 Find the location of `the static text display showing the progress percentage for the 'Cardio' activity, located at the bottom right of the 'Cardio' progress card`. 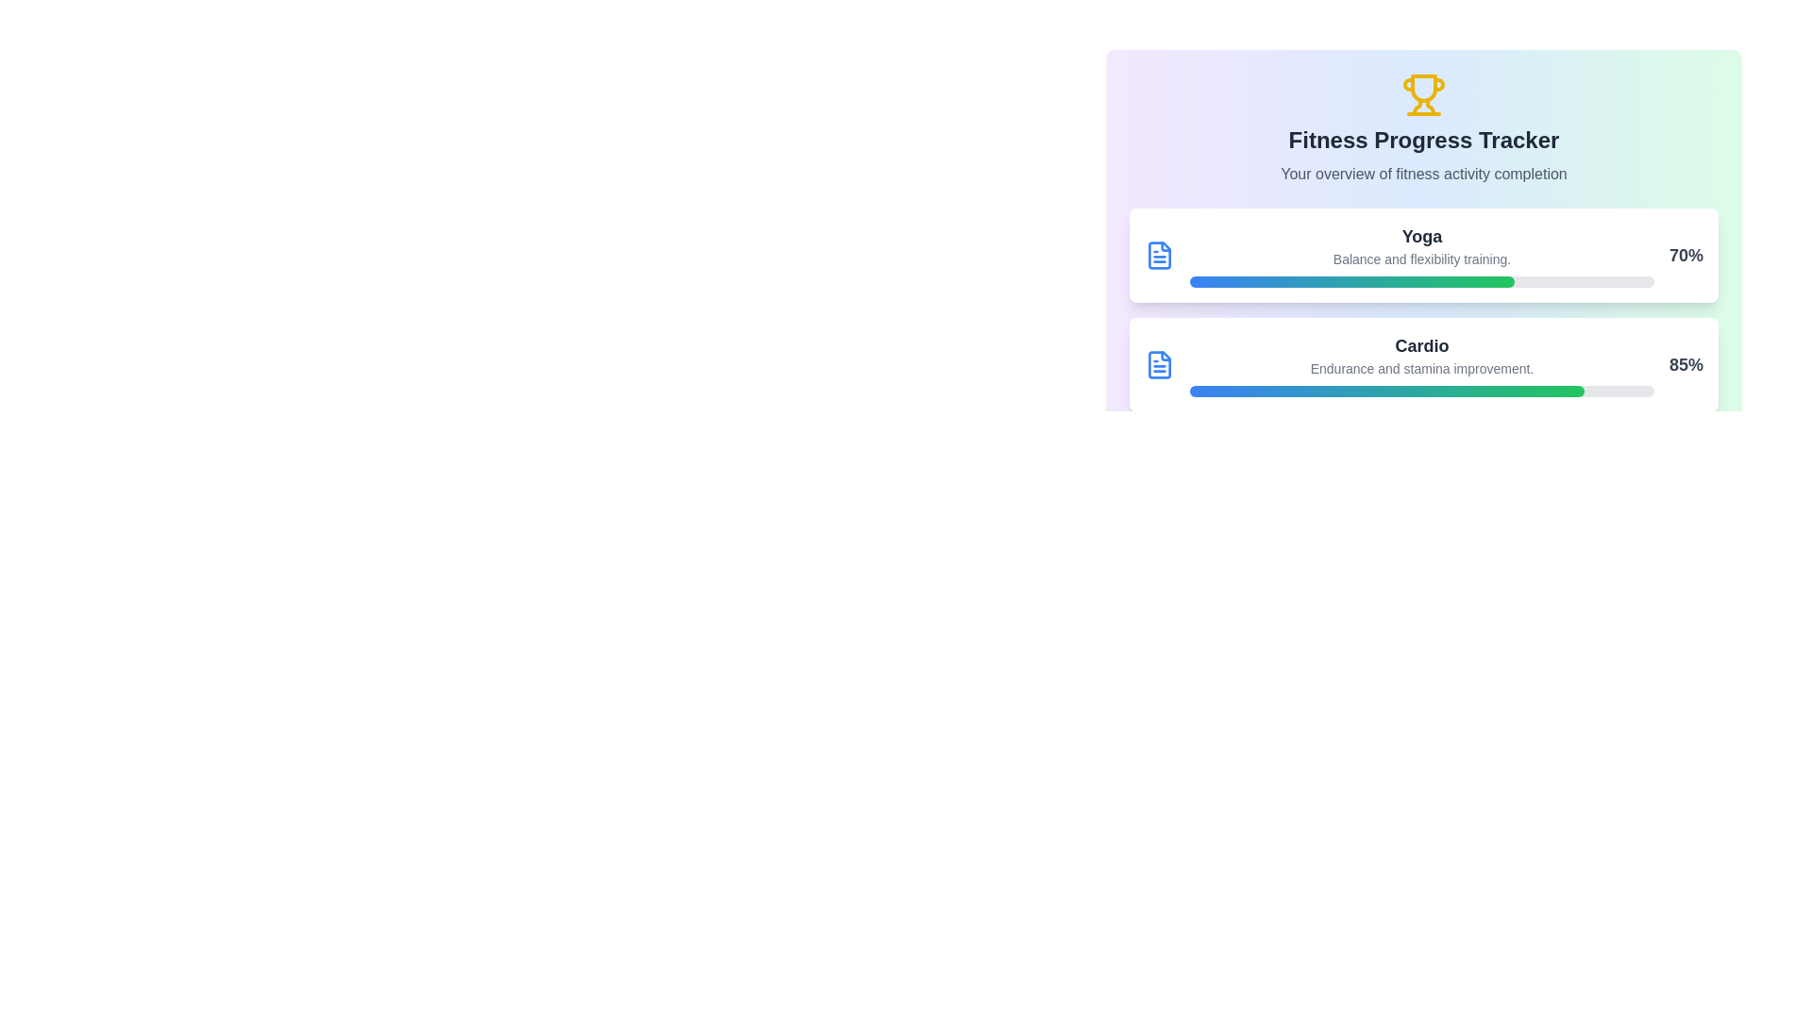

the static text display showing the progress percentage for the 'Cardio' activity, located at the bottom right of the 'Cardio' progress card is located at coordinates (1686, 364).